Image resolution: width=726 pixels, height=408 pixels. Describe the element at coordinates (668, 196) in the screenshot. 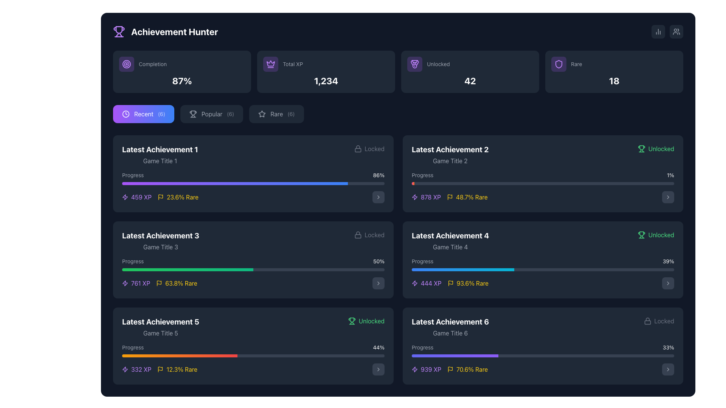

I see `the right chevron icon button located at the bottom-right corner of the 'Latest Achievement 2' card to initiate navigation` at that location.